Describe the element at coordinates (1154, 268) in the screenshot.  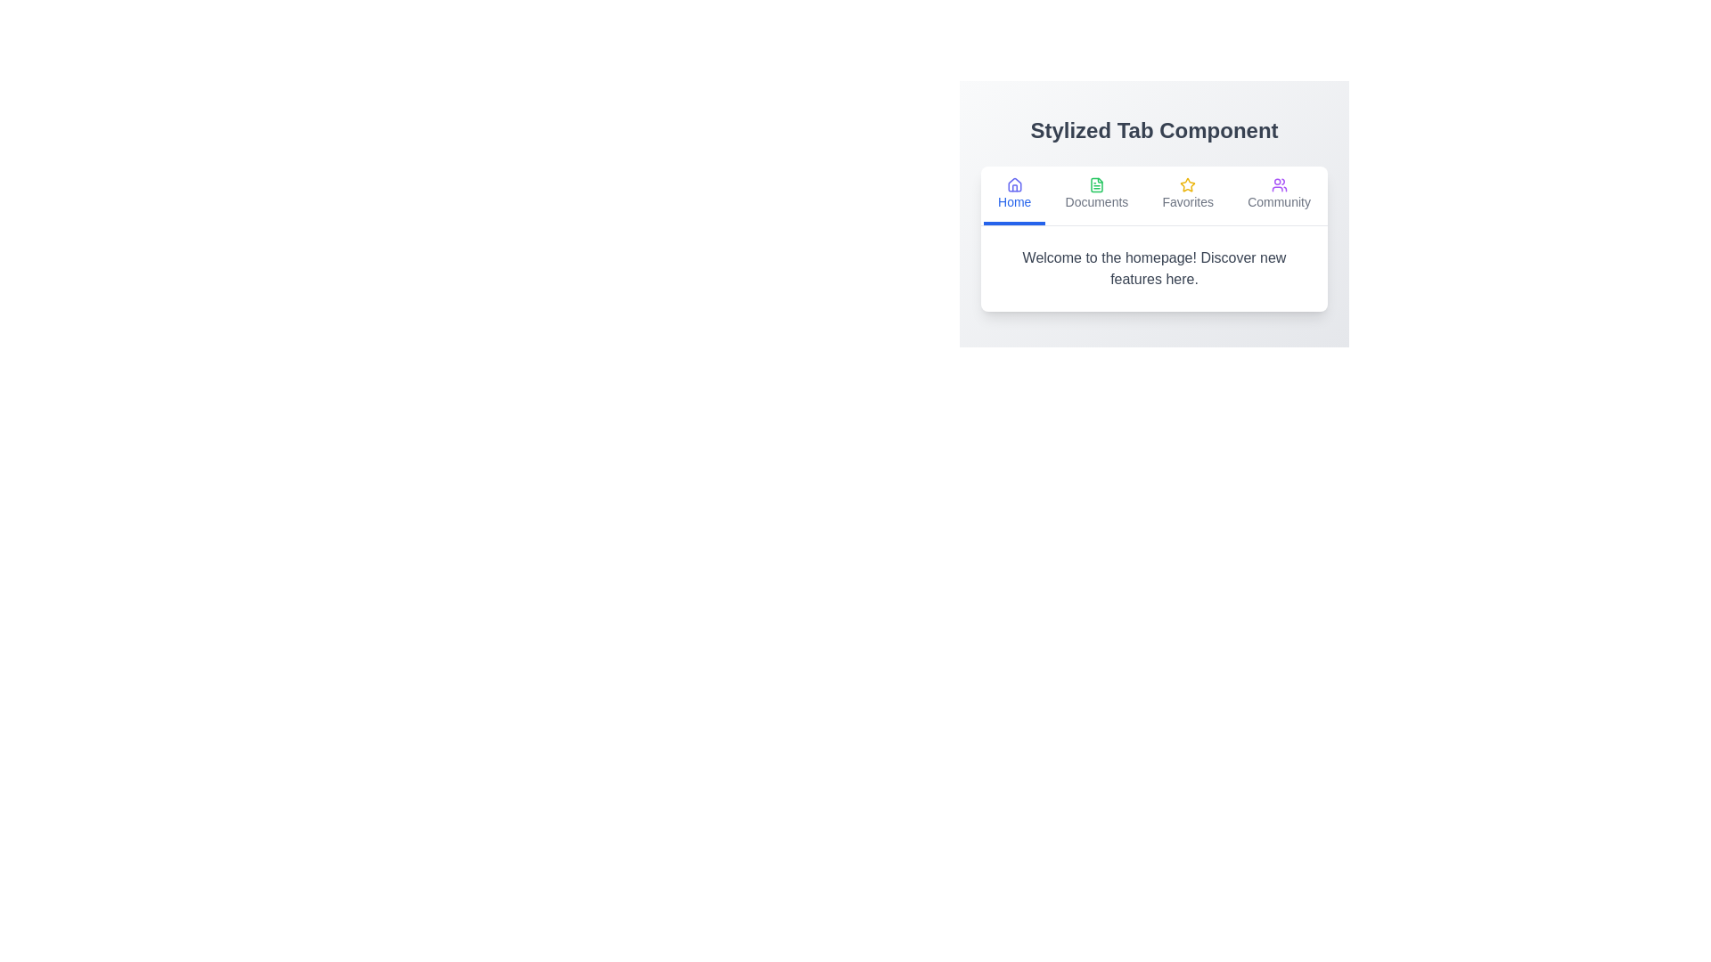
I see `the welcoming introductory text element located below the navigation header on the homepage, which provides a brief message about discovering new features` at that location.